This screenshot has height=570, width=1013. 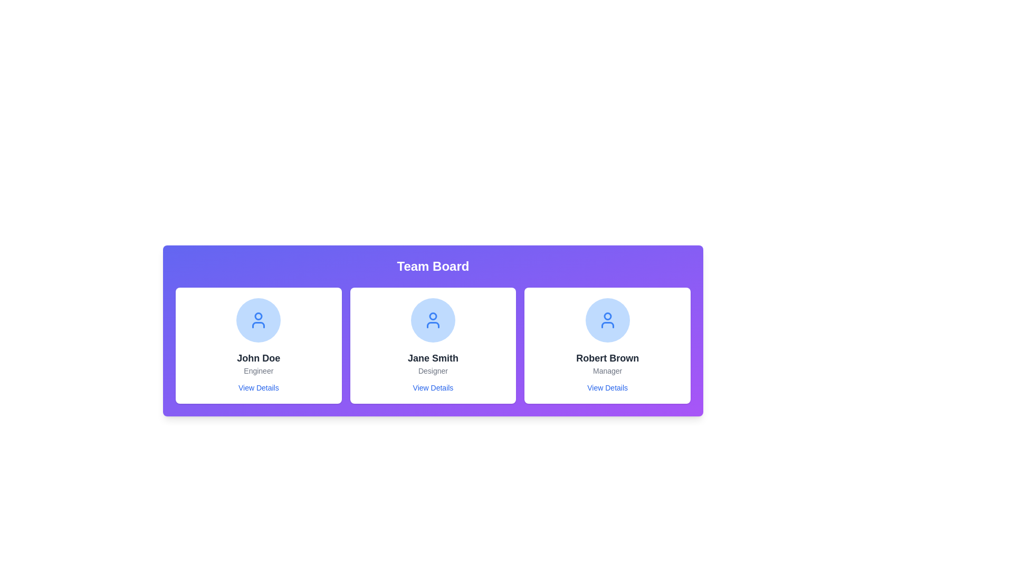 I want to click on the 'View Details' link in blue text located below 'Jane Smith' the Designer in the profile card, so click(x=433, y=388).